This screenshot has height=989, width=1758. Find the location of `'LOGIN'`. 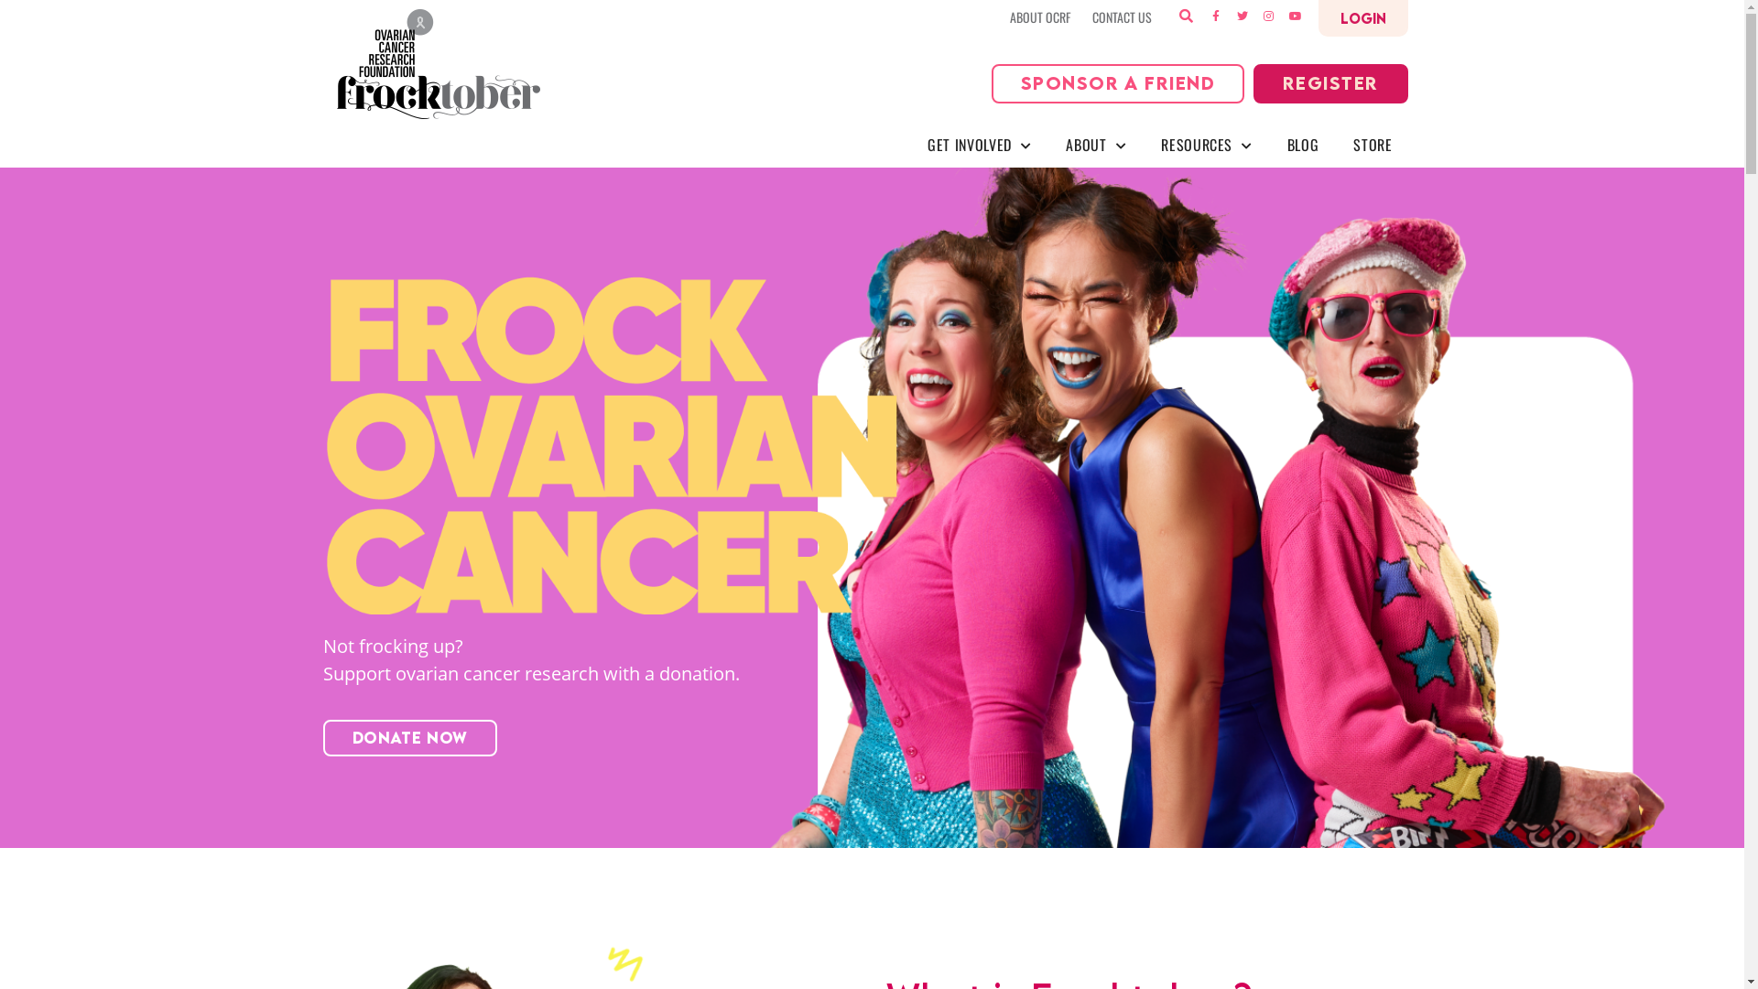

'LOGIN' is located at coordinates (1362, 17).